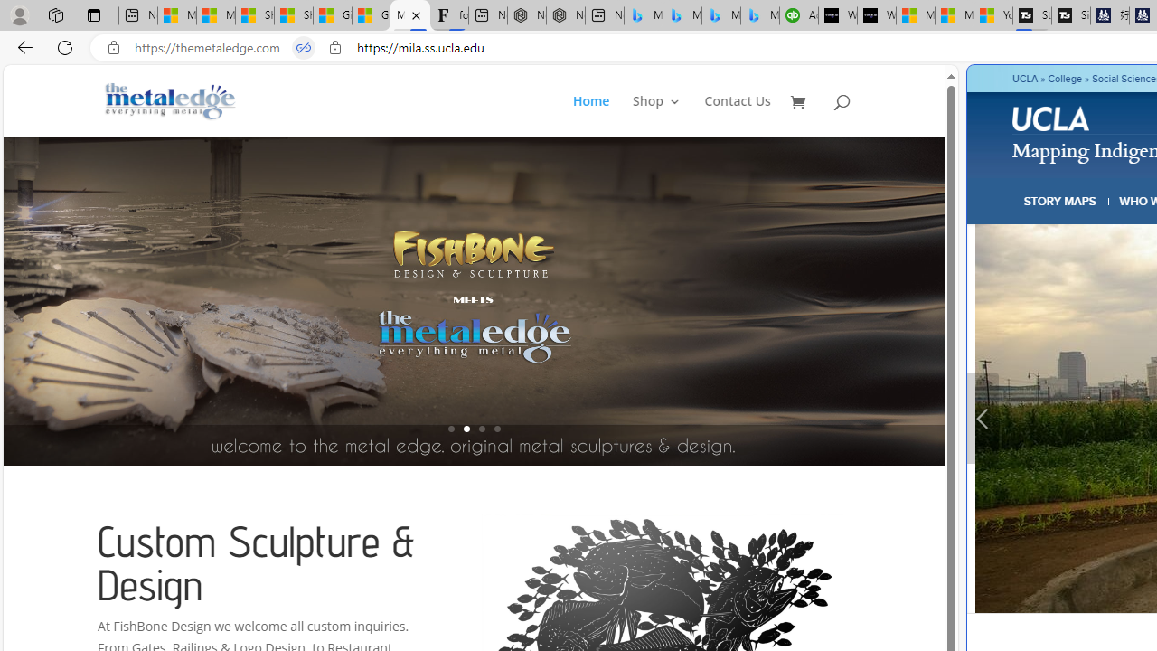  What do you see at coordinates (466, 429) in the screenshot?
I see `'2'` at bounding box center [466, 429].